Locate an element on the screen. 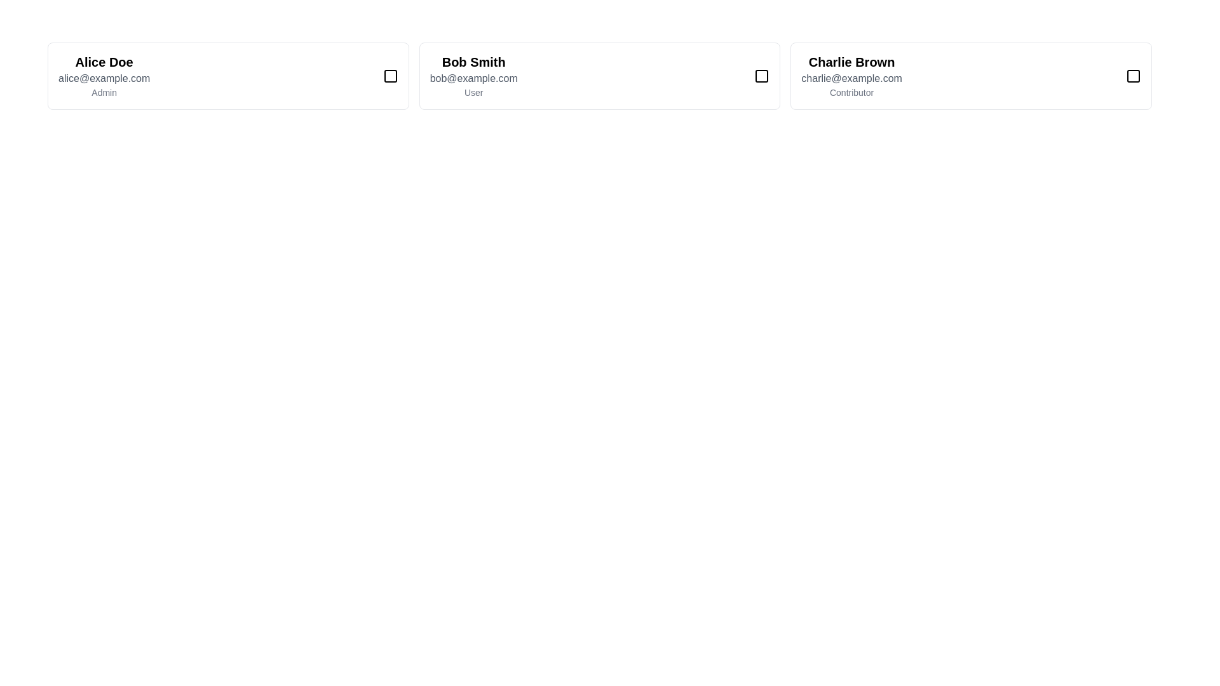  the email address display element located below the header 'Alice Doe' and above the label 'Admin' in the user profile section is located at coordinates (104, 78).